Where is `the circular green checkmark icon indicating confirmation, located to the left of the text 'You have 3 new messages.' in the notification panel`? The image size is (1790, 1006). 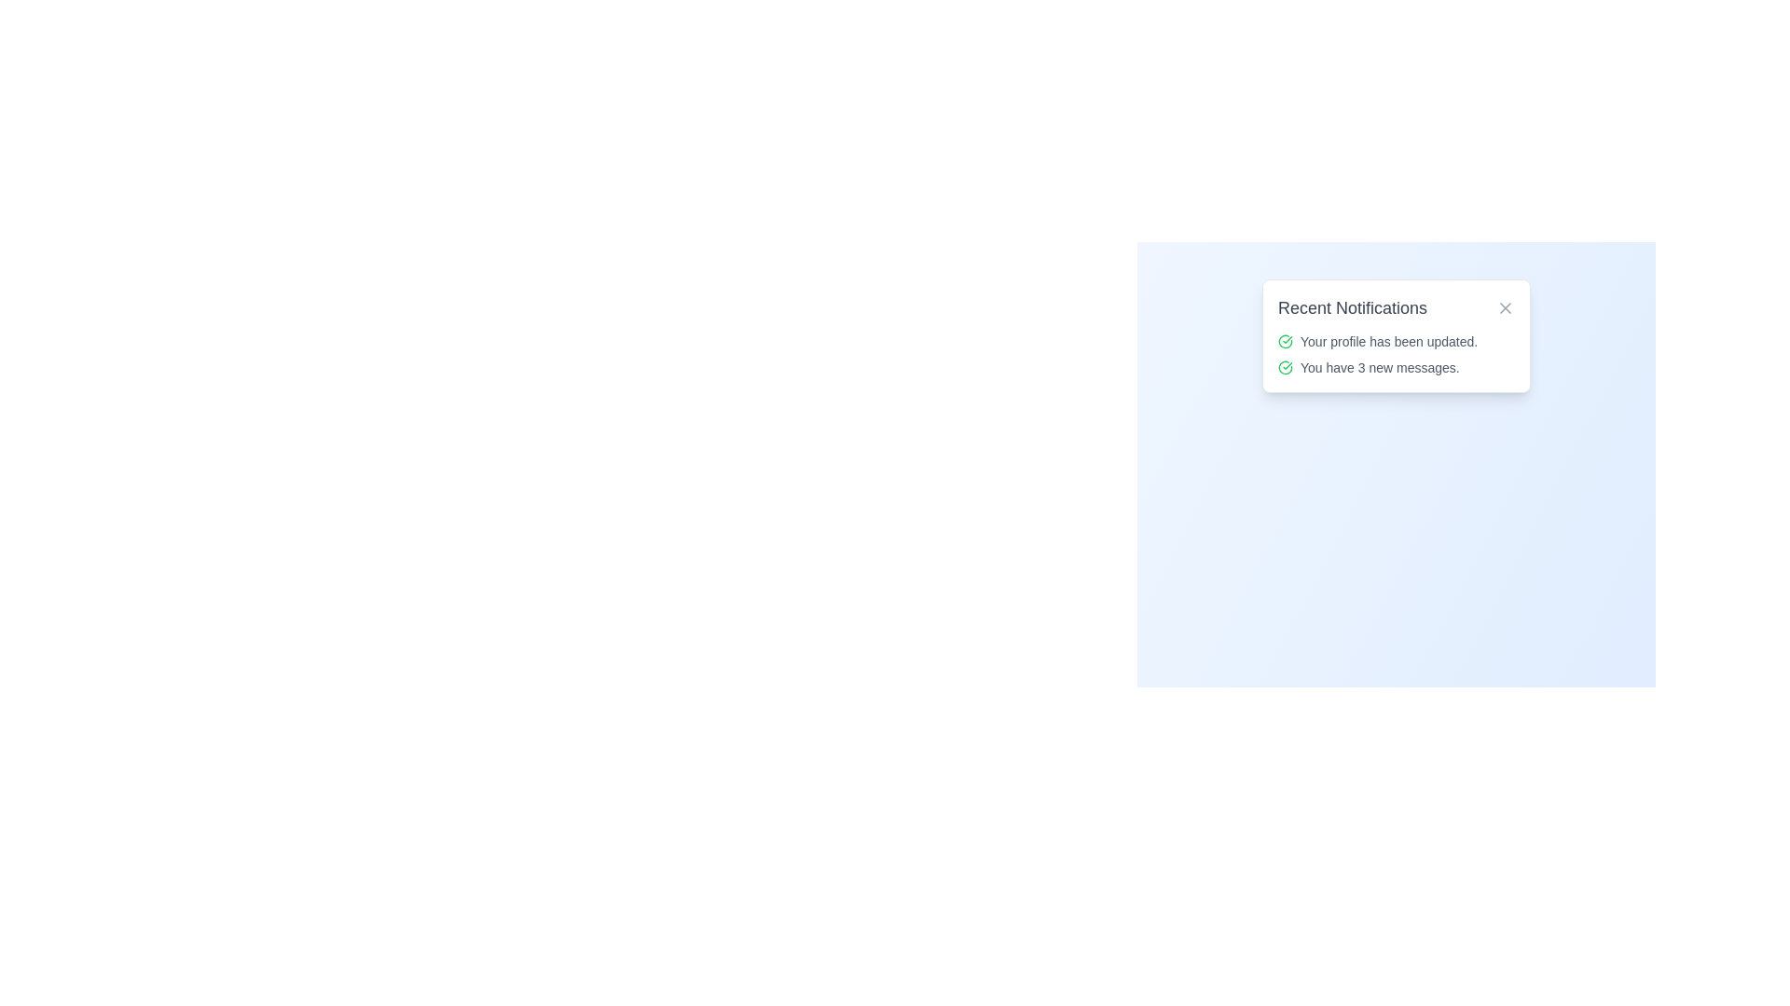 the circular green checkmark icon indicating confirmation, located to the left of the text 'You have 3 new messages.' in the notification panel is located at coordinates (1284, 367).